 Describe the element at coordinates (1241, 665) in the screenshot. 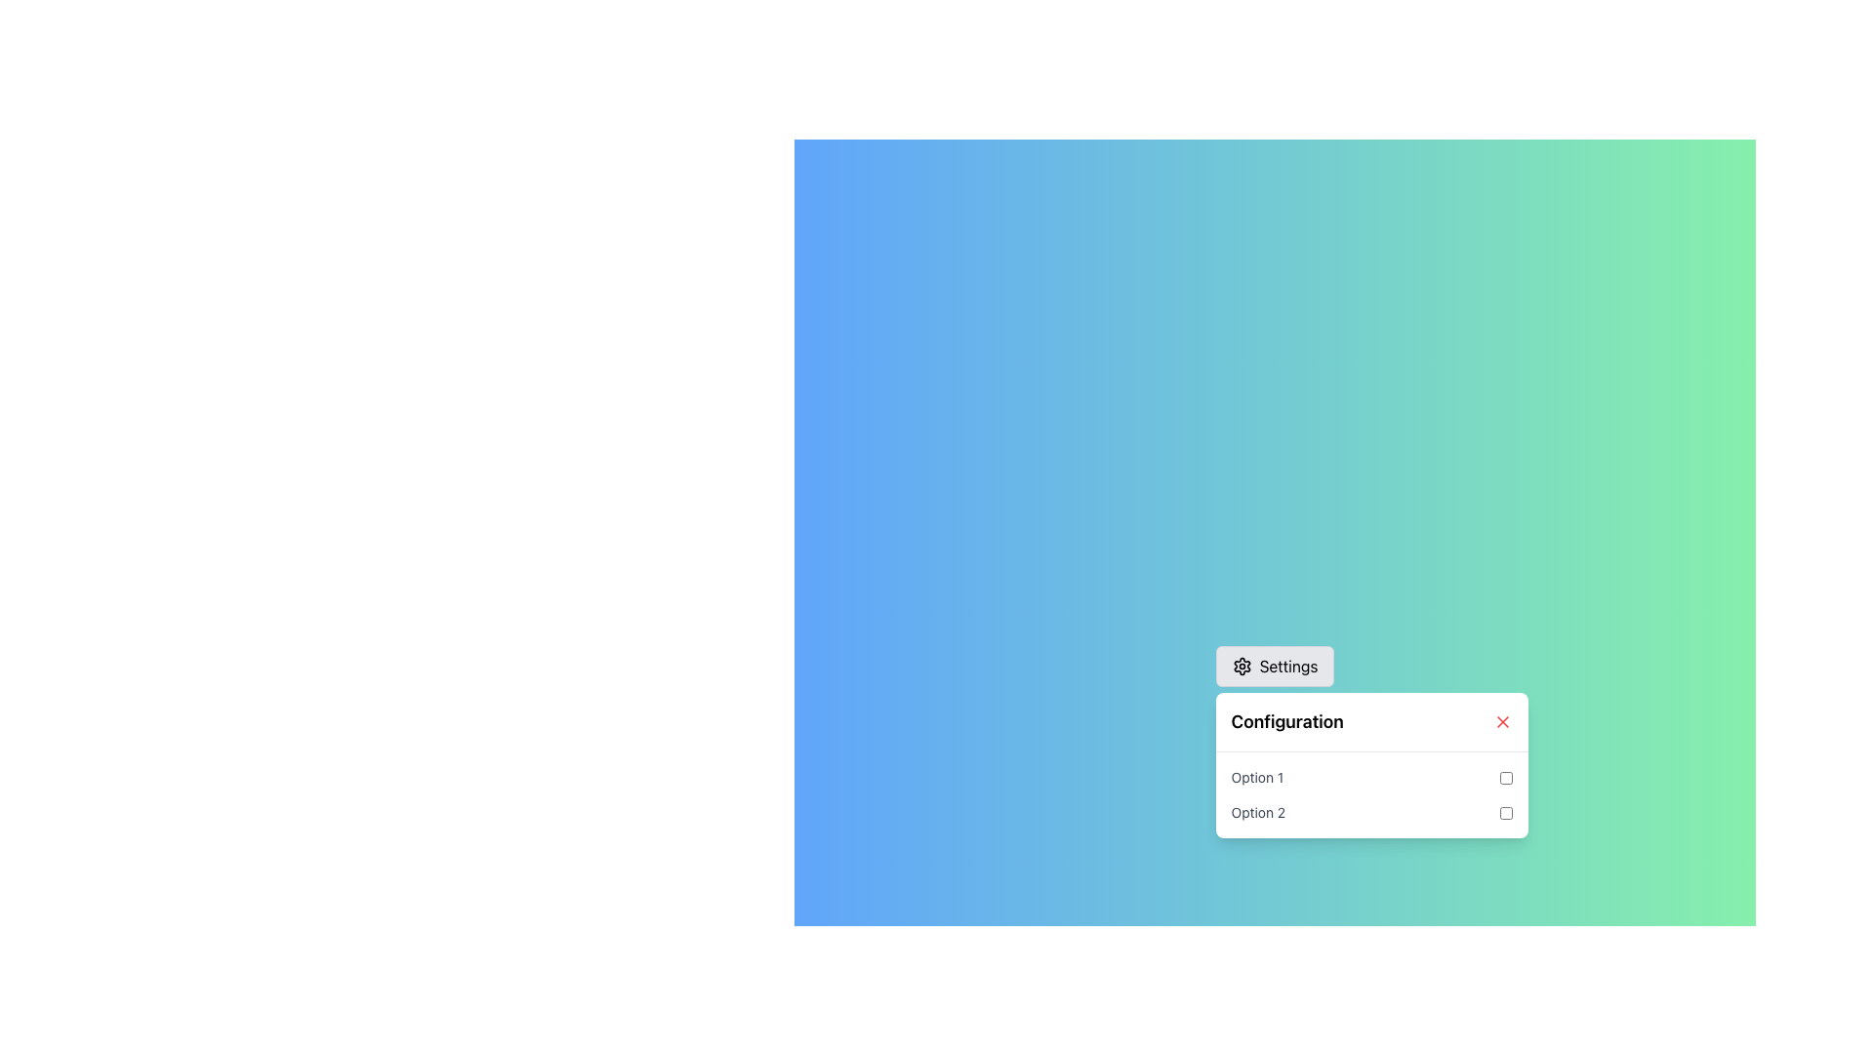

I see `the settings icon represented by the outer gear shape located at the top area of the card referencing configurations` at that location.